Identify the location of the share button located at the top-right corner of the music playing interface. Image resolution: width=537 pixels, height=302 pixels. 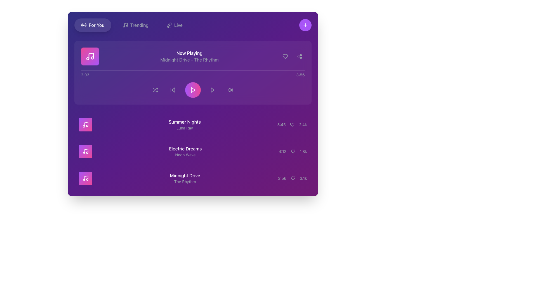
(299, 56).